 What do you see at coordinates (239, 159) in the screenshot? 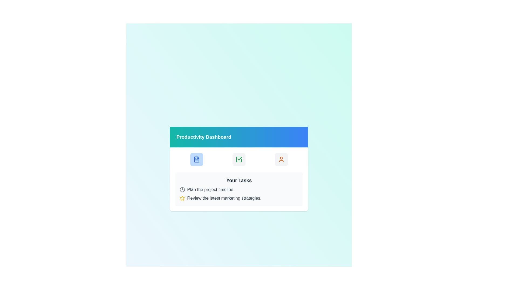
I see `the second button of the Menu Bar, which is positioned below the 'Productivity Dashboard' header and above the 'Your Tasks' section` at bounding box center [239, 159].